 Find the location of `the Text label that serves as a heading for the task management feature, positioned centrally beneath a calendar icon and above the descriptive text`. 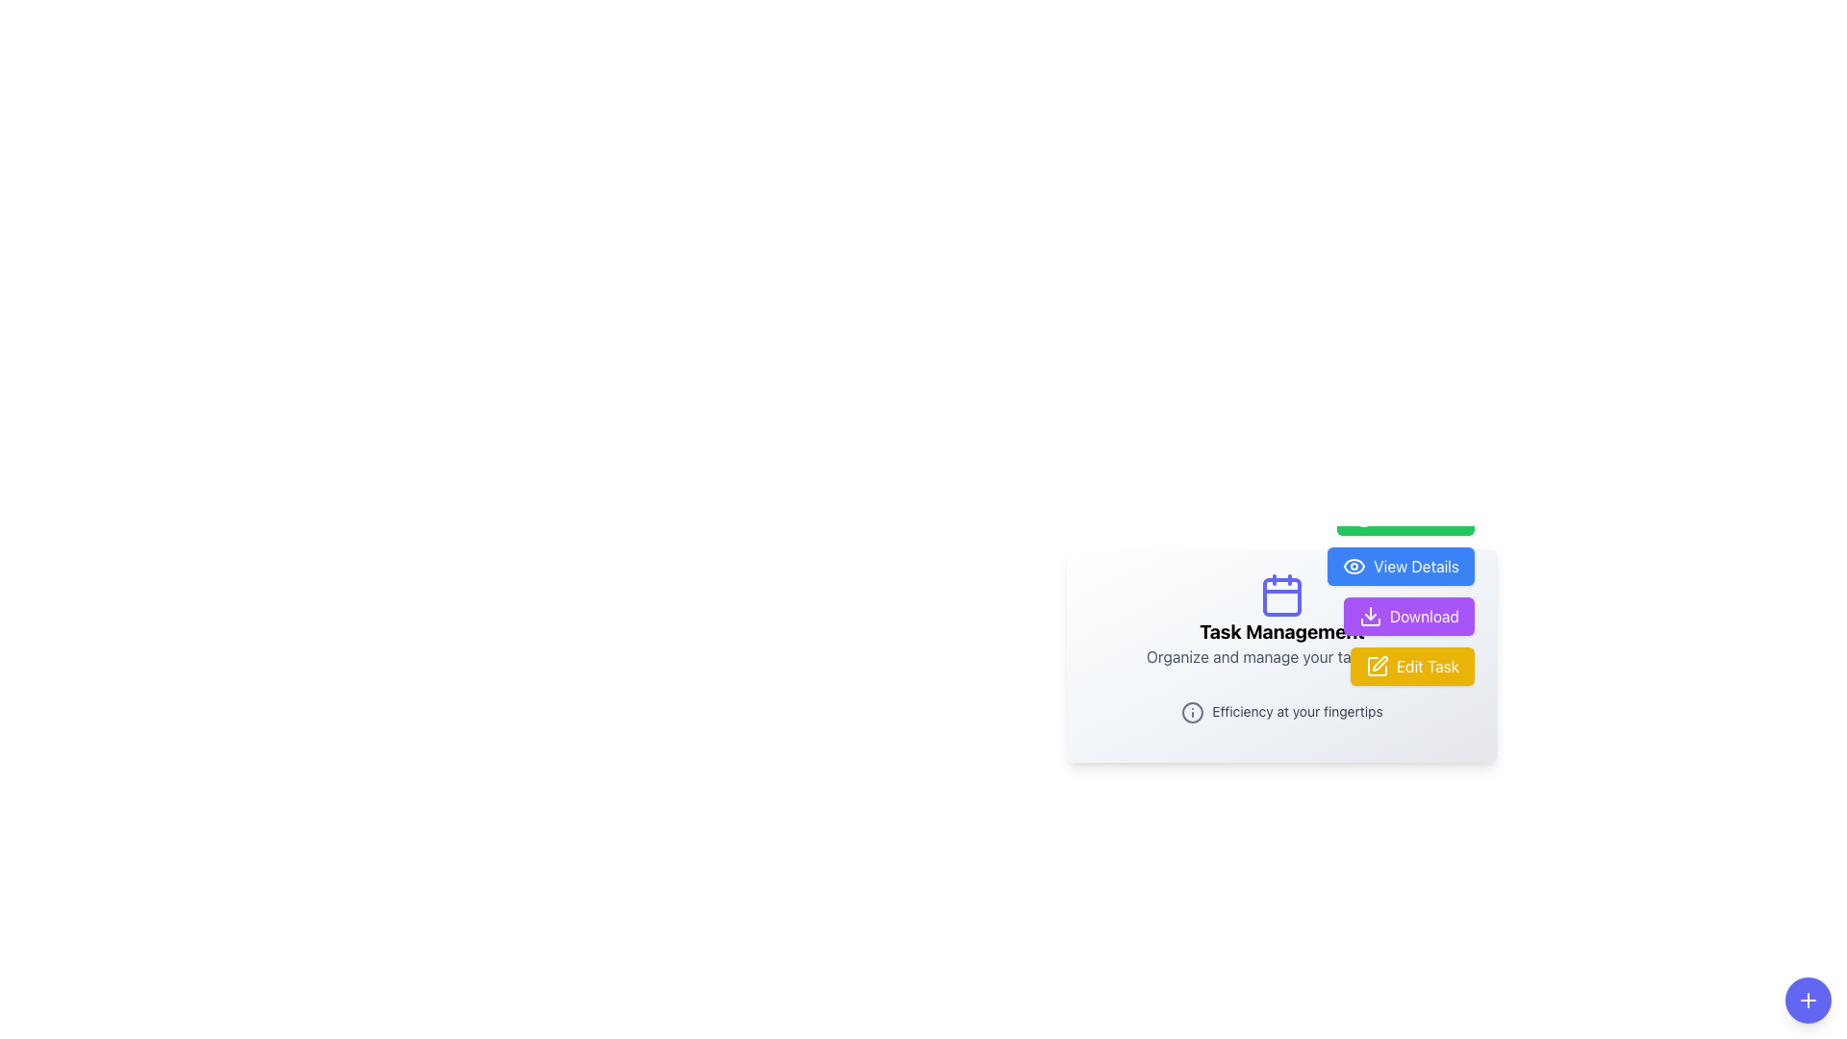

the Text label that serves as a heading for the task management feature, positioned centrally beneath a calendar icon and above the descriptive text is located at coordinates (1282, 631).